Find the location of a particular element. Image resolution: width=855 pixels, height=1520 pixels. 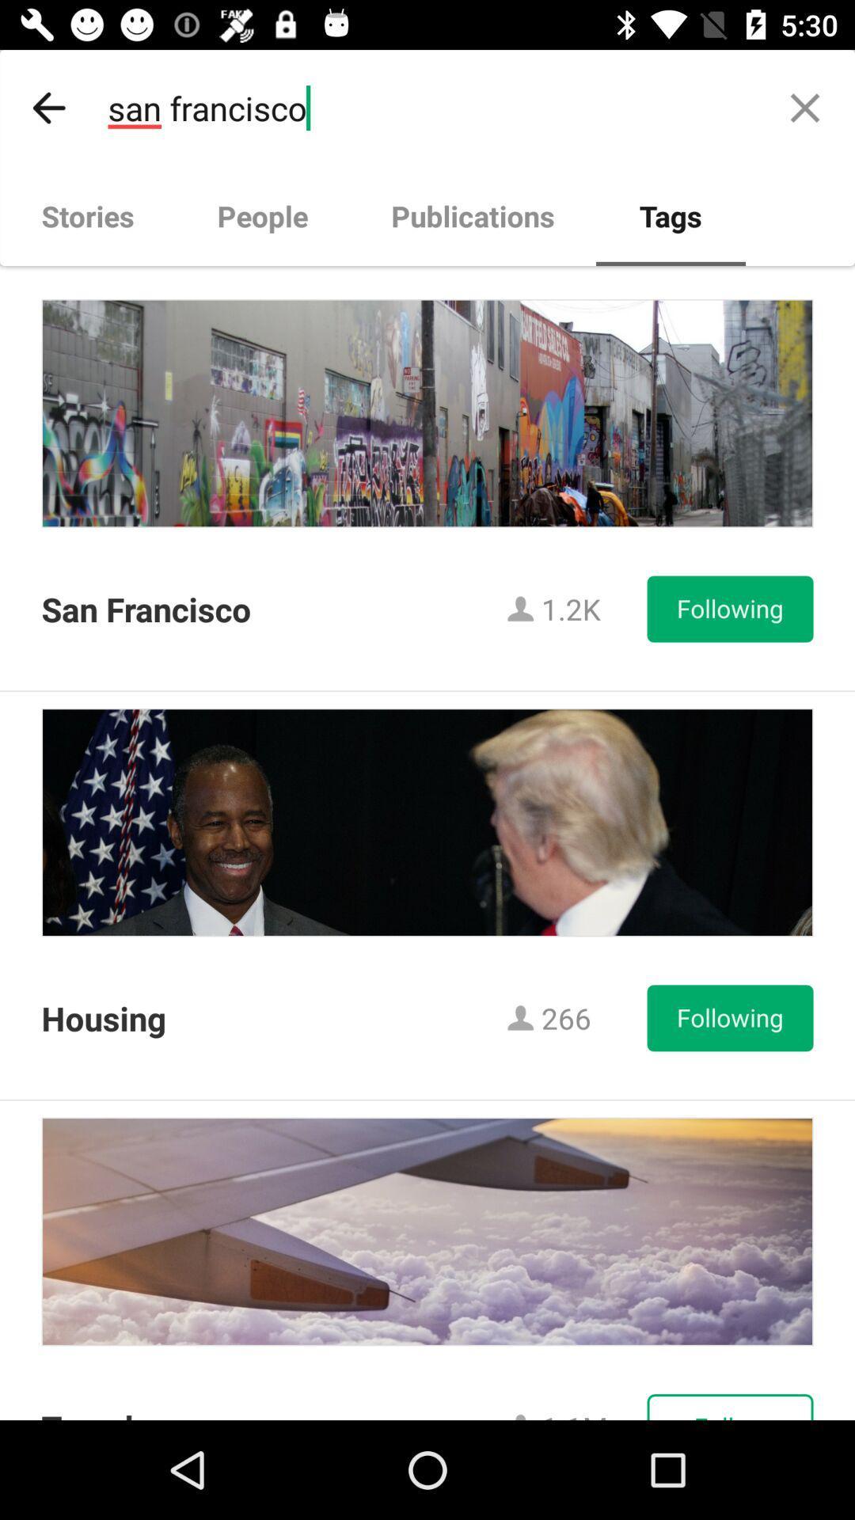

item to the left of san francisco is located at coordinates (48, 107).